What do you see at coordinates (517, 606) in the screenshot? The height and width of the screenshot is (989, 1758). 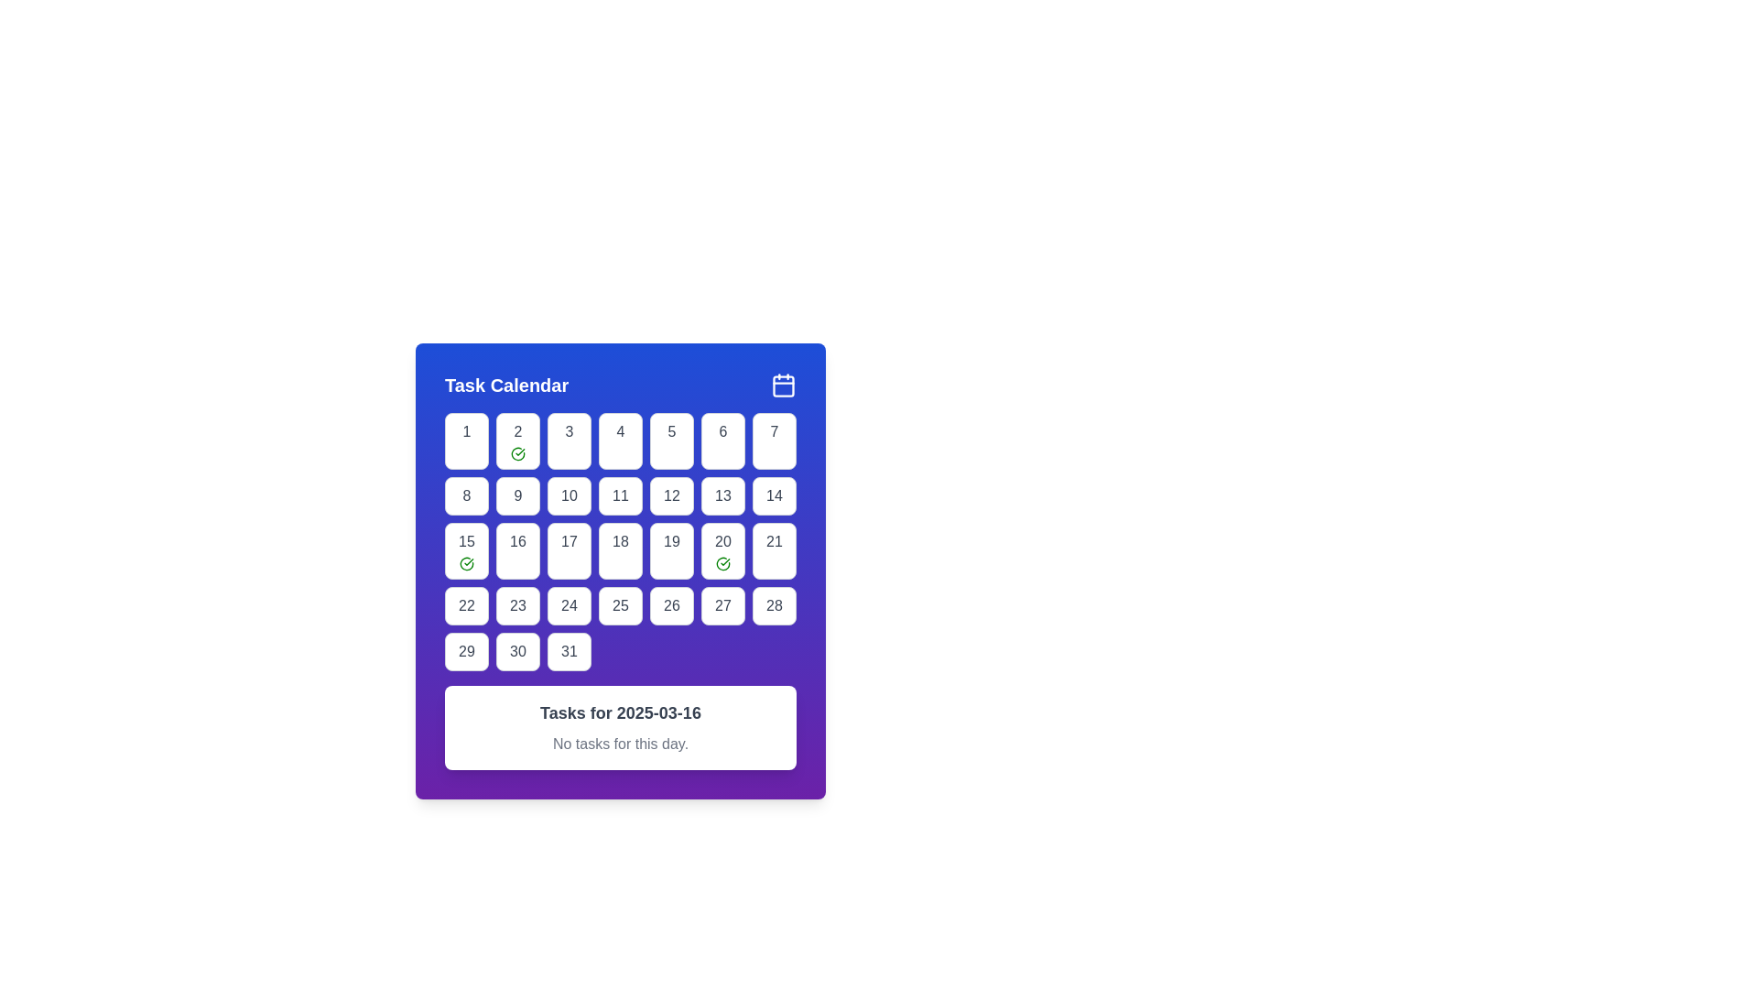 I see `the calendar day cell button displaying the number '23', located in the fourth row and second column of the calendar interface` at bounding box center [517, 606].